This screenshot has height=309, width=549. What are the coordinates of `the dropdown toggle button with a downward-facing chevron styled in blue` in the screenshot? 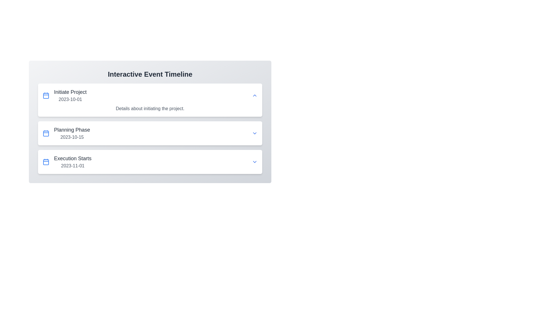 It's located at (254, 133).